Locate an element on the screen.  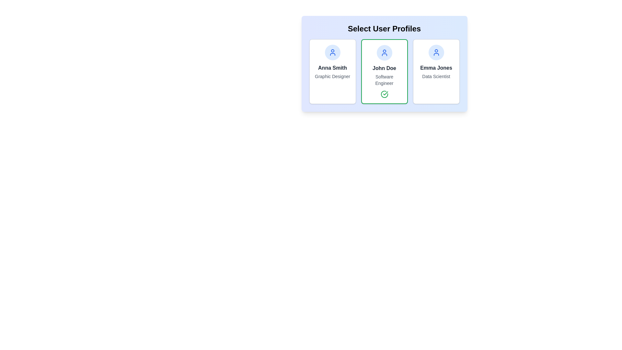
the profile card of Emma Jones to observe its scaling animation is located at coordinates (436, 71).